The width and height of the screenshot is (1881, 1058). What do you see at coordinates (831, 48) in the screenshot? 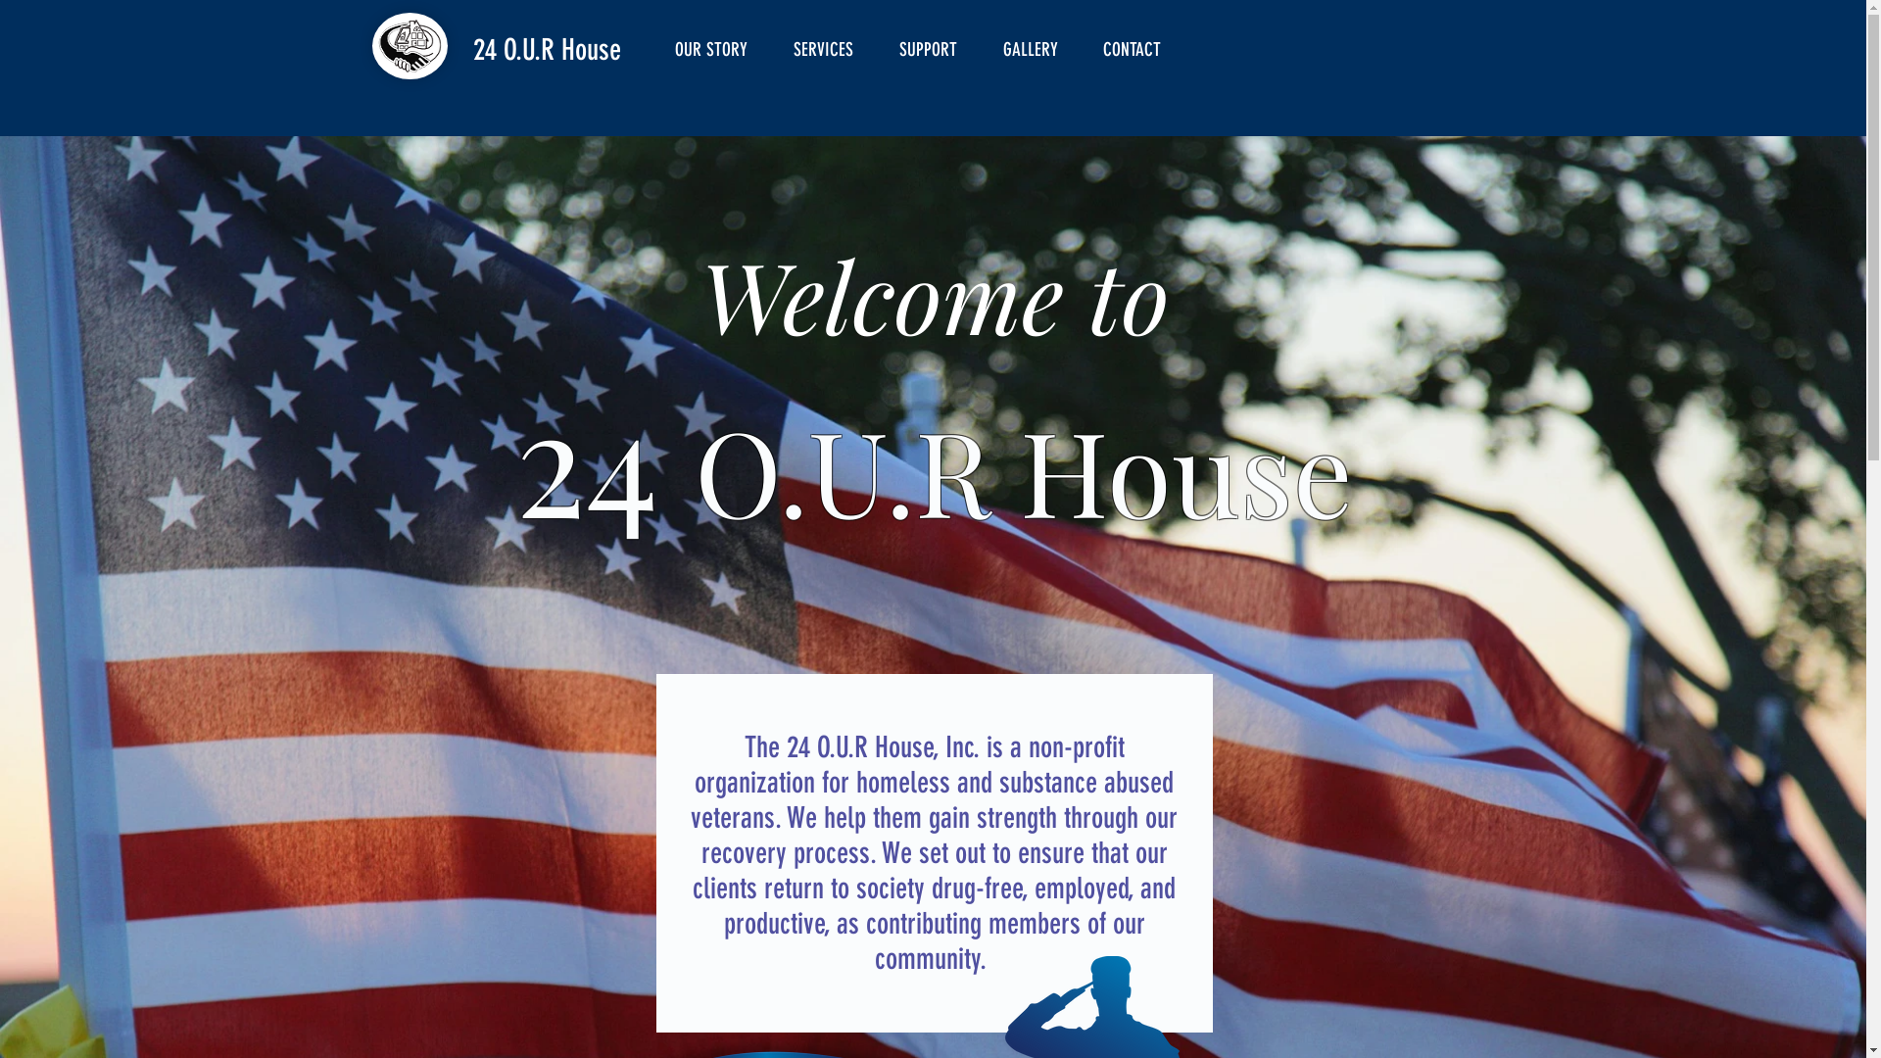
I see `'SERVICES'` at bounding box center [831, 48].